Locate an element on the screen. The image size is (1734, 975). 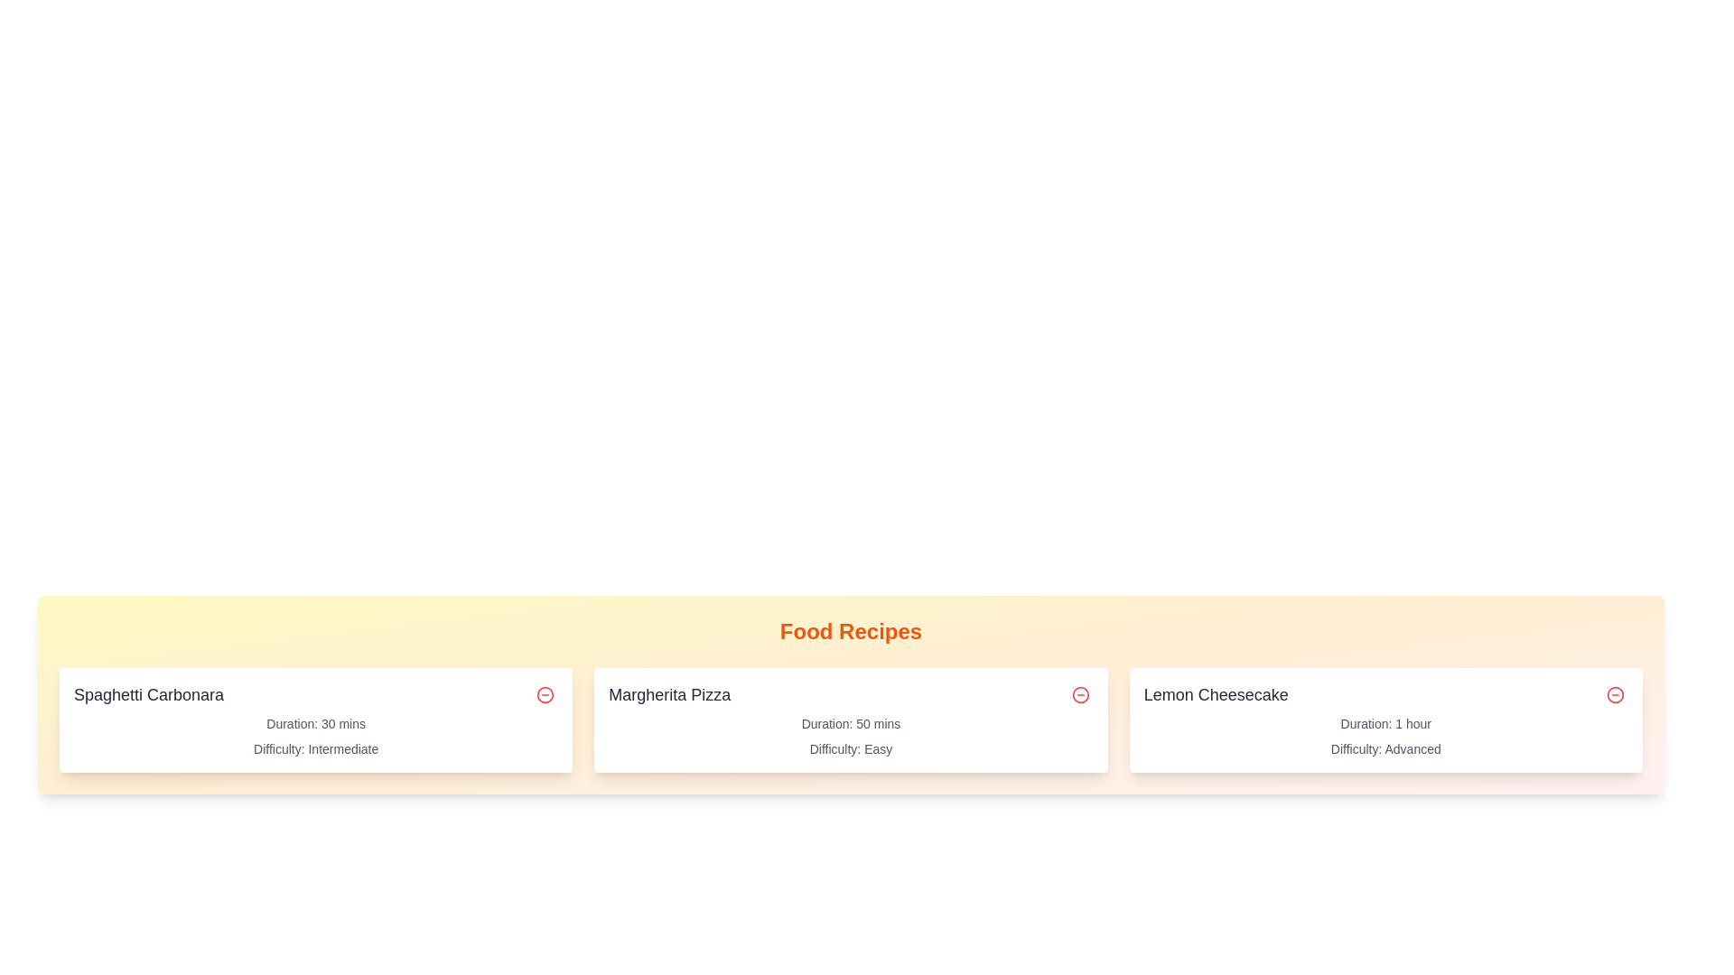
the text label that serves as the title for the recipe entry 'Lemon Cheesecake', which is located on the far right side of the horizontally aligned list of recipes is located at coordinates (1216, 694).